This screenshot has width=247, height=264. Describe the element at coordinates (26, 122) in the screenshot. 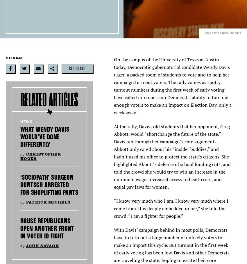

I see `'News'` at that location.